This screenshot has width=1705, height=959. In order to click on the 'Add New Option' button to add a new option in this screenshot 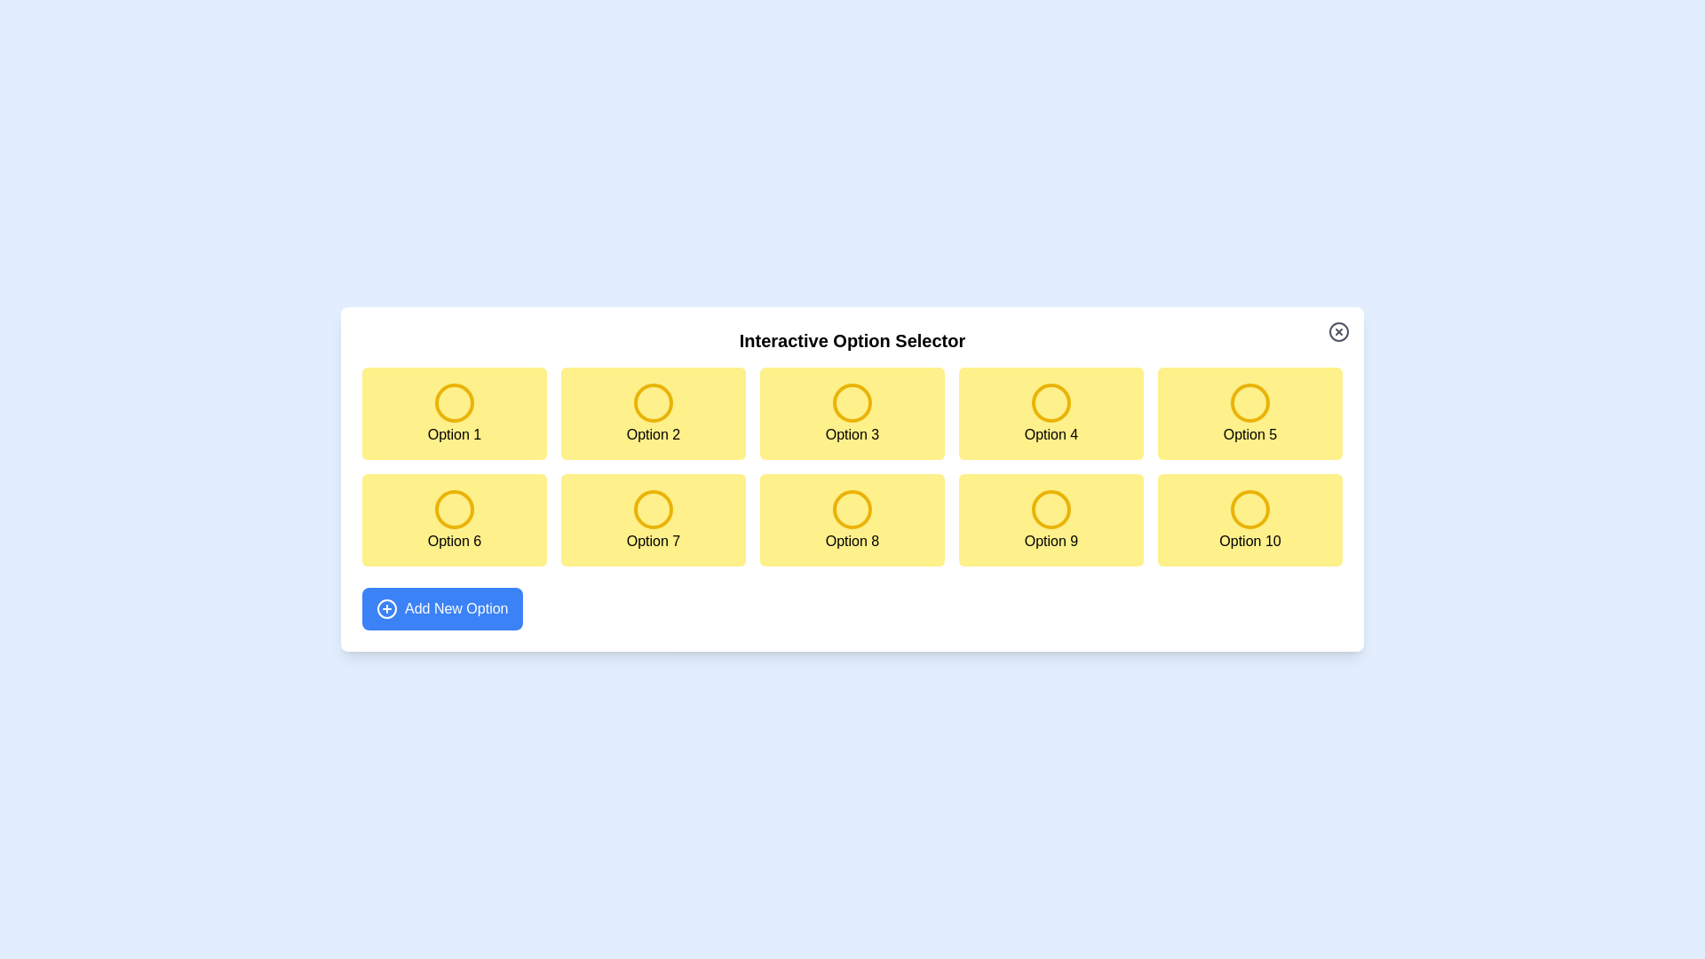, I will do `click(442, 608)`.